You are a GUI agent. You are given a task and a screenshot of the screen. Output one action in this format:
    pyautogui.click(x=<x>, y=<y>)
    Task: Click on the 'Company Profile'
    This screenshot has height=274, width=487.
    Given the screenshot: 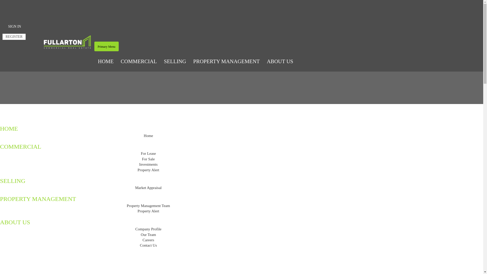 What is the action you would take?
    pyautogui.click(x=148, y=229)
    